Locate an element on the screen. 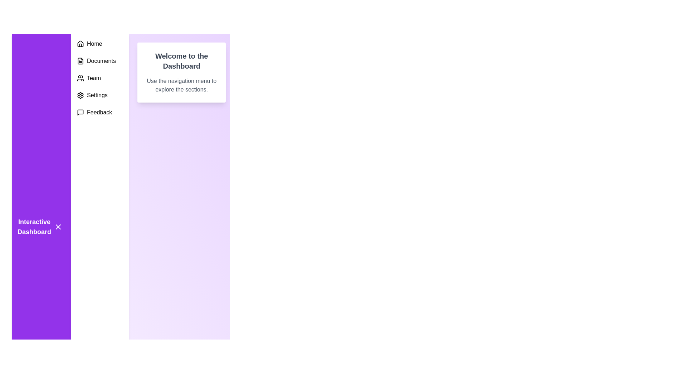  text of the bold, white label that says 'Interactive Dashboard' located in the side navigation bar on a purple background is located at coordinates (34, 227).